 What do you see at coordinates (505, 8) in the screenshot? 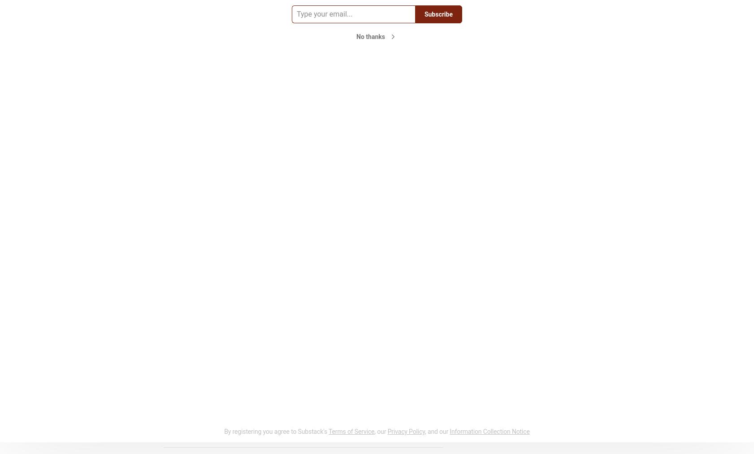
I see `'Community news from across Louisiana'` at bounding box center [505, 8].